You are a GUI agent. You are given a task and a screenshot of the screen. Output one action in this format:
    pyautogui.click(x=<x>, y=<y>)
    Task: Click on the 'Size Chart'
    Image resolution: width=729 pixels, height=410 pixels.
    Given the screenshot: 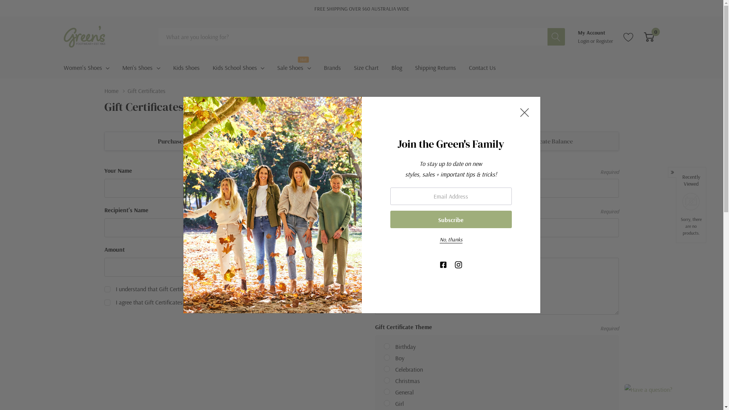 What is the action you would take?
    pyautogui.click(x=366, y=67)
    